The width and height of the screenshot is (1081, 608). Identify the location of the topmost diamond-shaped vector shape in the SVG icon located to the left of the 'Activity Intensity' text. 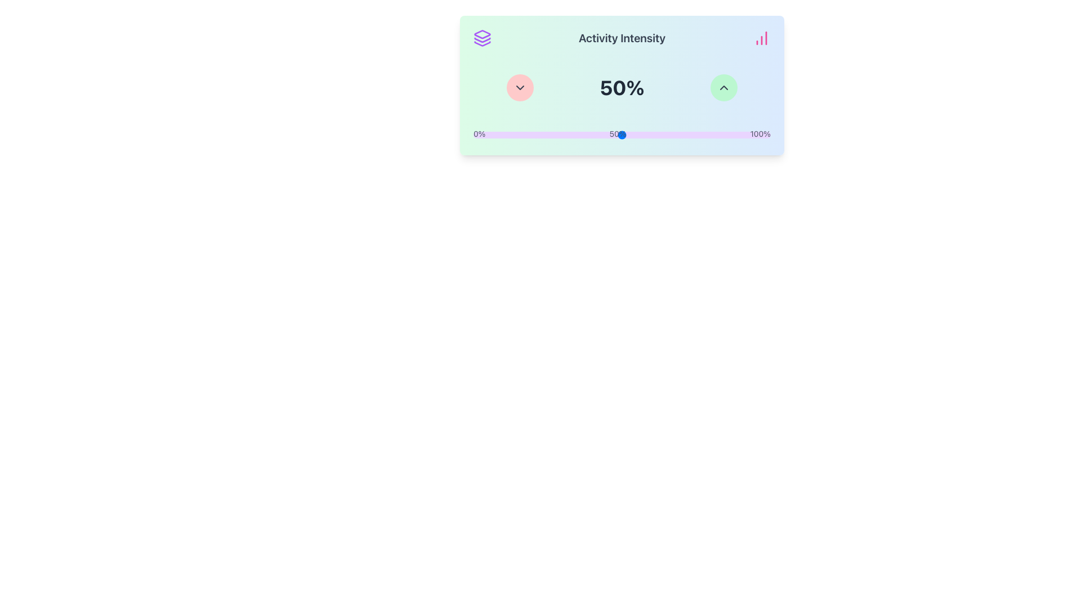
(483, 34).